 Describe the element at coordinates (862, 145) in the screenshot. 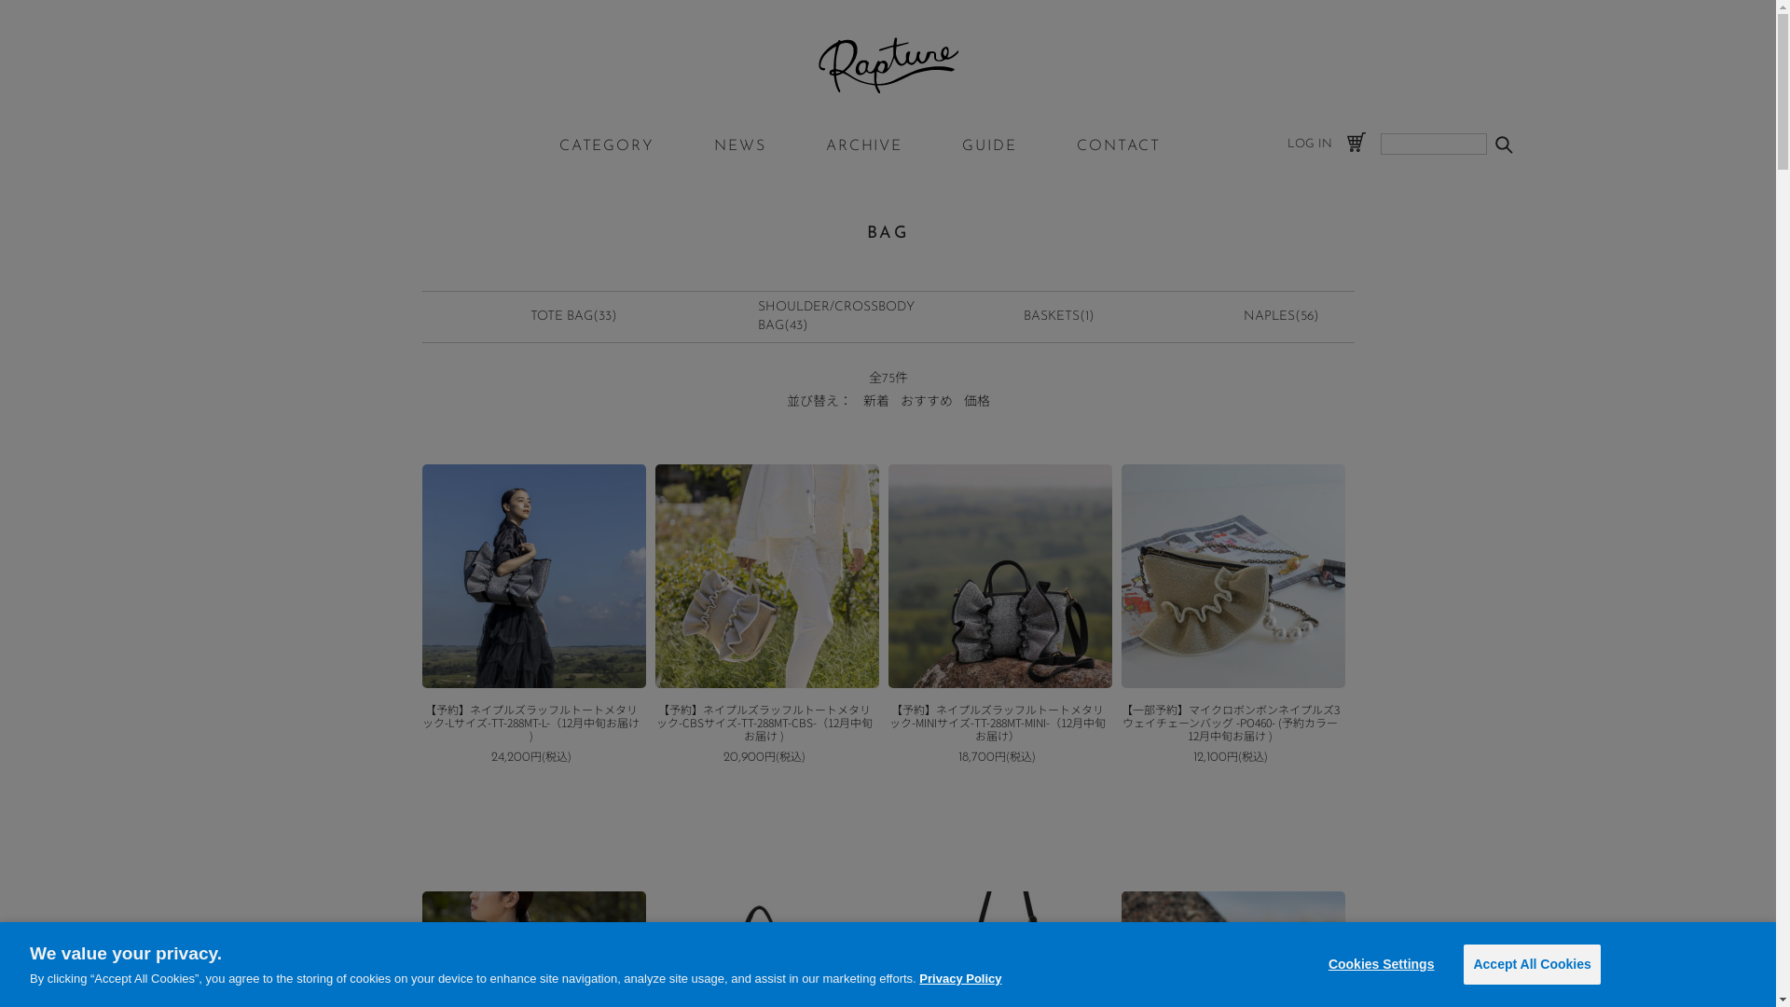

I see `'ARCHIVE'` at that location.